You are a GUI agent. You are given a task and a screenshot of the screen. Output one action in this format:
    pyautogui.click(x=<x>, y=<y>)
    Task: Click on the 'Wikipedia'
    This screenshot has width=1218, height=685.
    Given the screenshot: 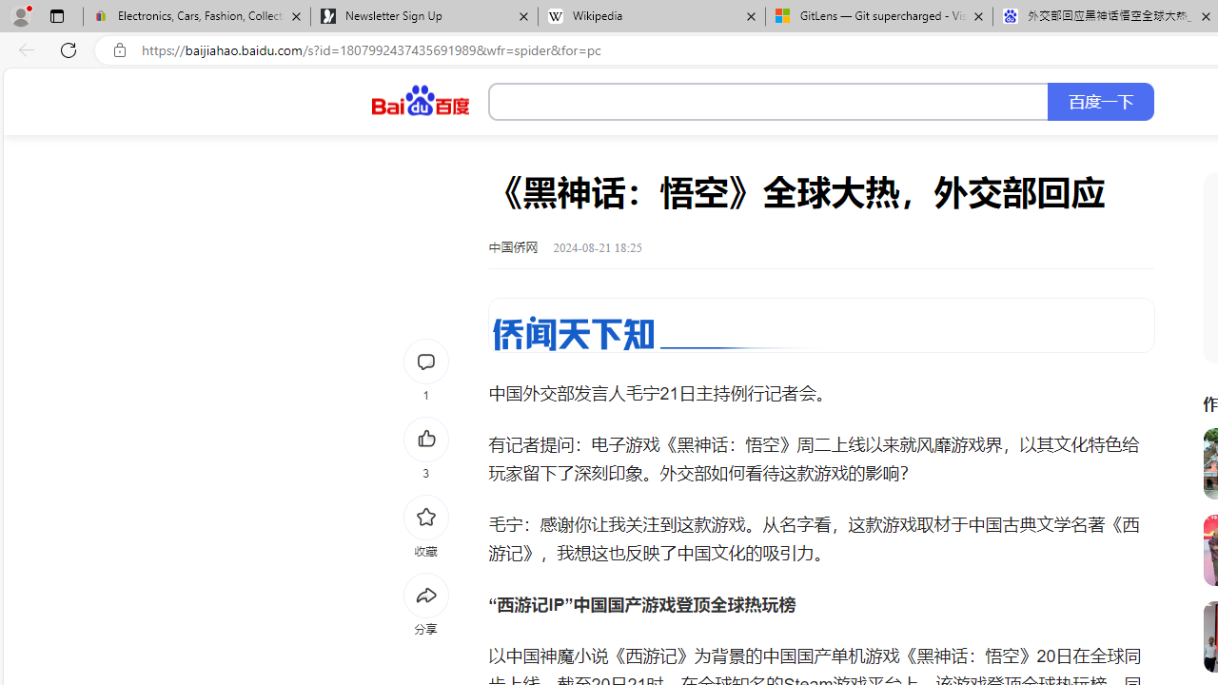 What is the action you would take?
    pyautogui.click(x=651, y=16)
    